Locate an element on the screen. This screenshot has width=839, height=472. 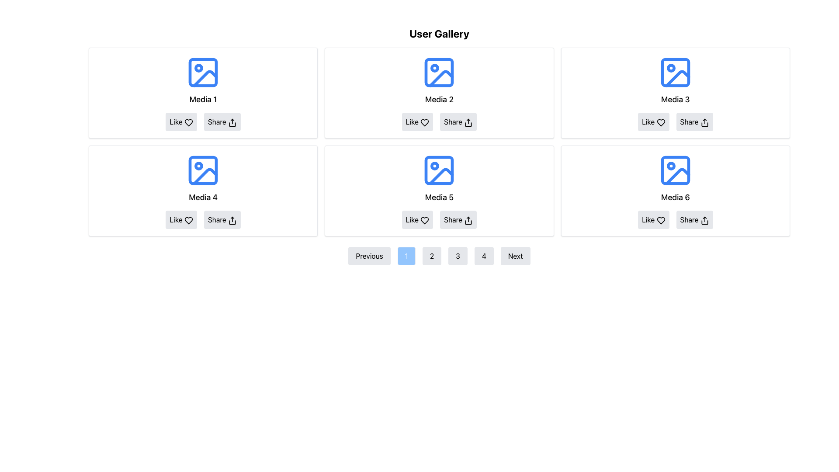
the interactive button group containing 'Like' and 'Share' buttons located within the card titled 'Media 4' is located at coordinates (203, 219).